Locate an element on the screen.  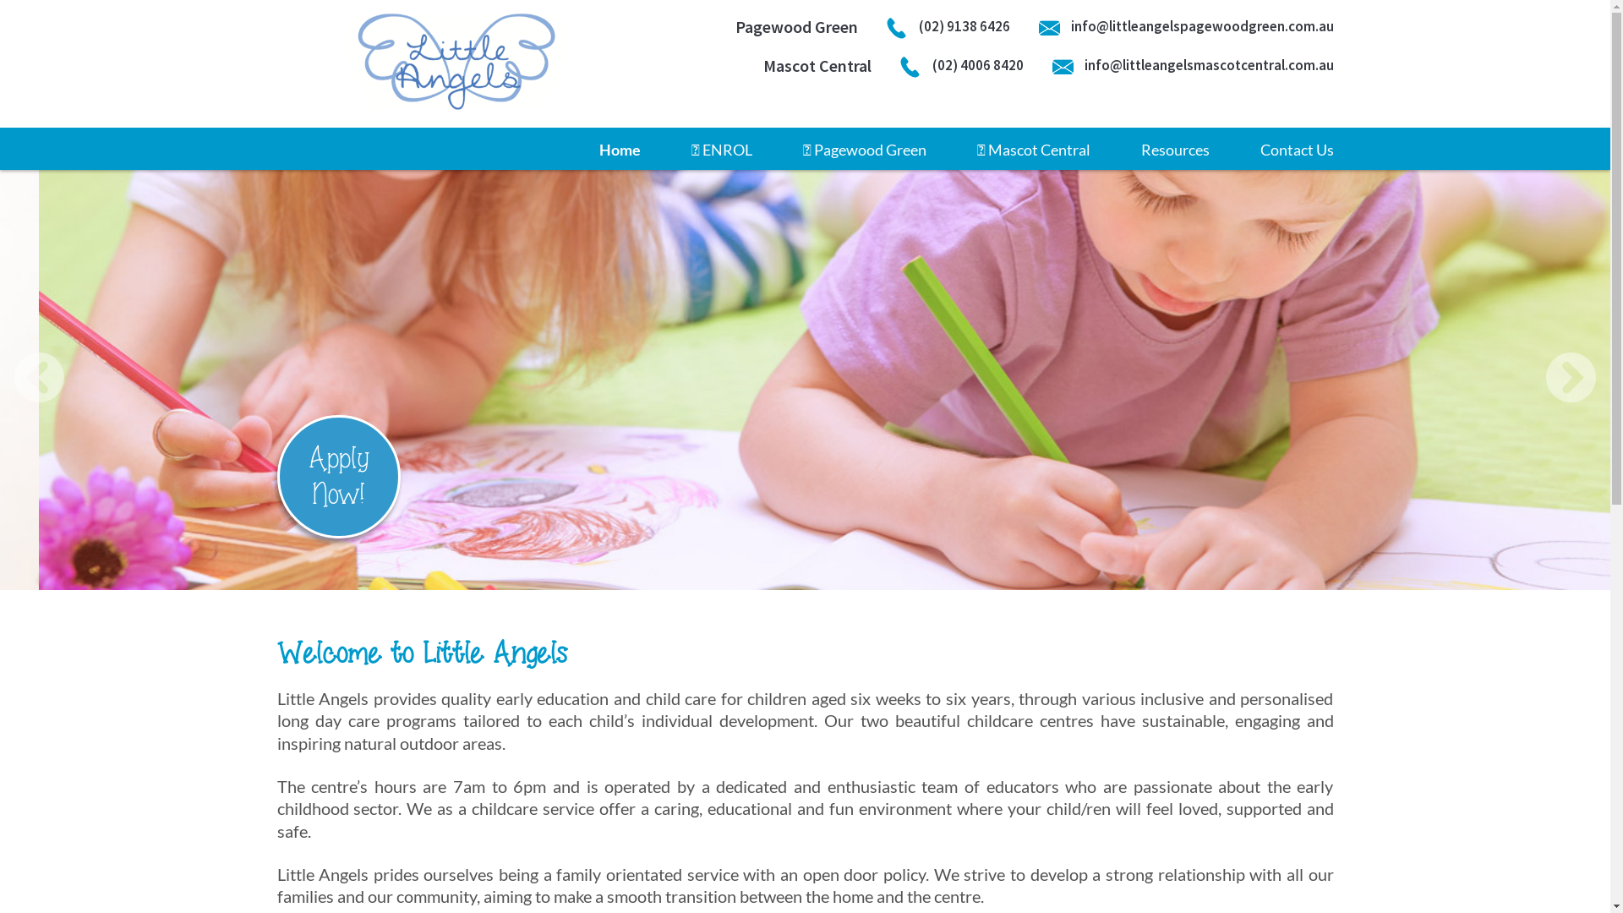
'Home' is located at coordinates (618, 149).